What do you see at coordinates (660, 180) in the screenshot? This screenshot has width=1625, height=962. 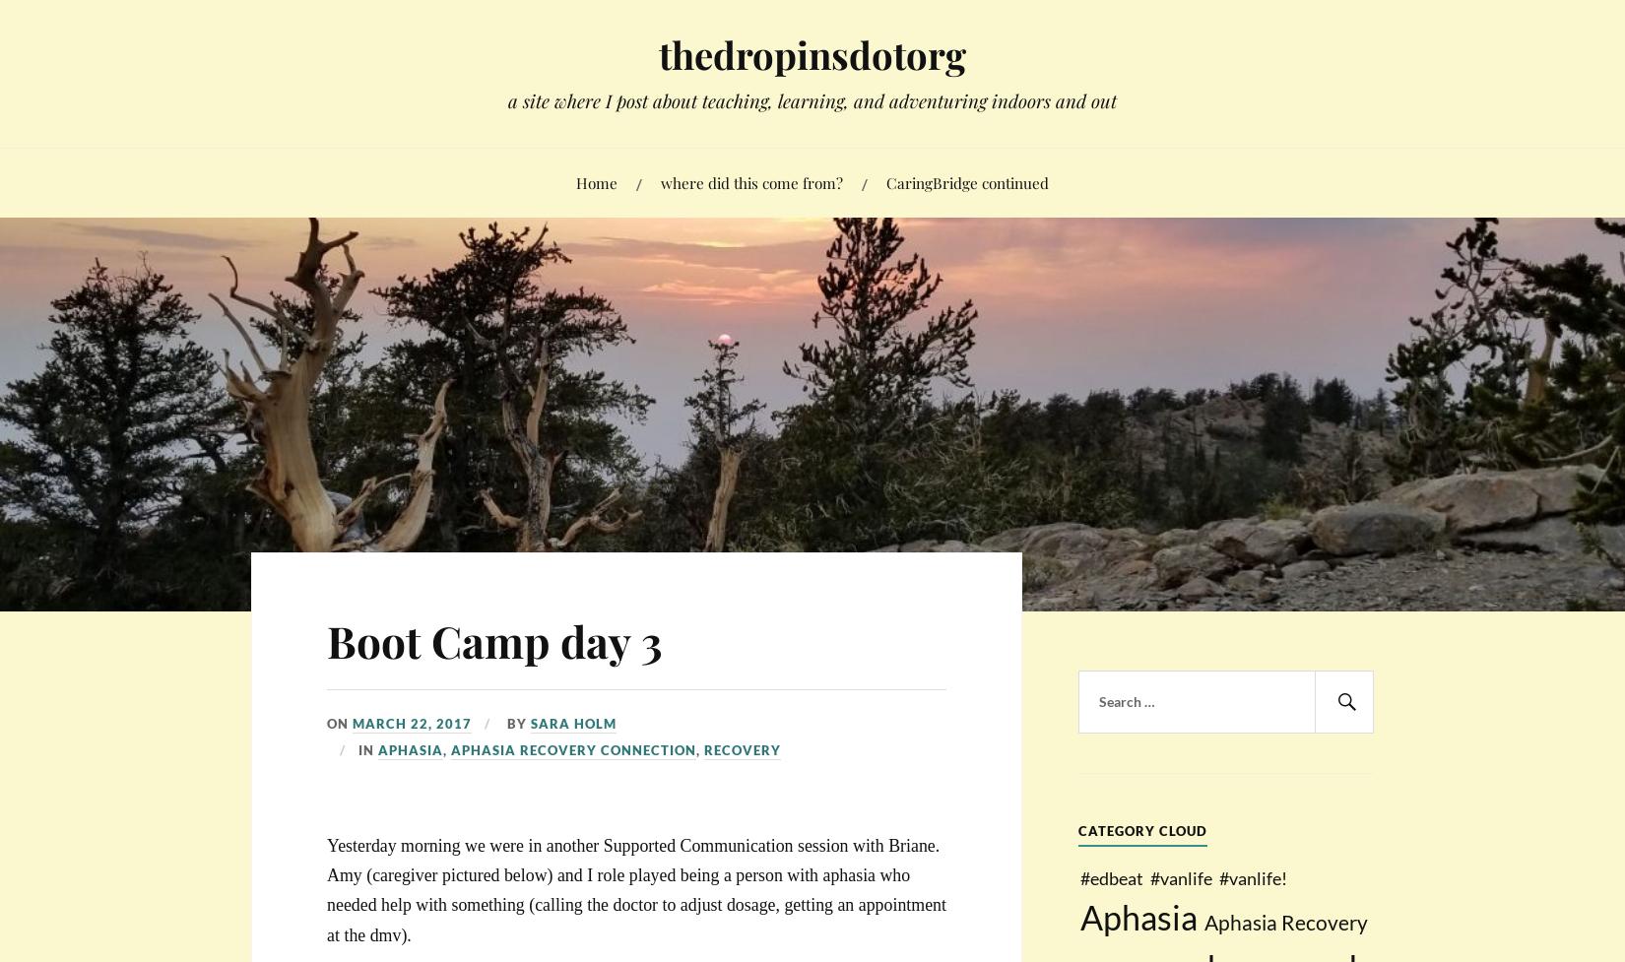 I see `'where did this come from?'` at bounding box center [660, 180].